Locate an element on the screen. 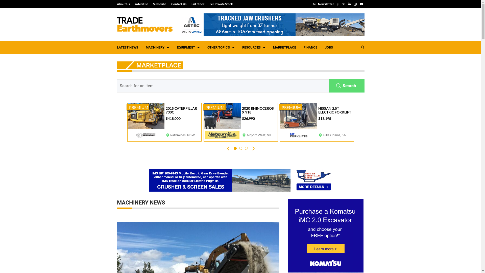  'LATEST NEWS' is located at coordinates (113, 48).